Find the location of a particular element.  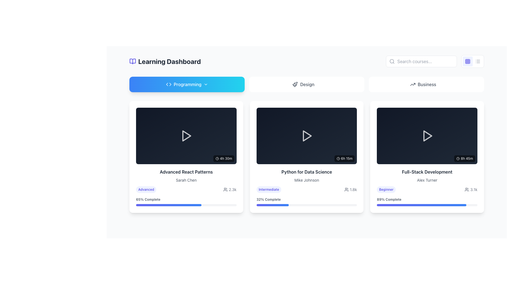

the small magnifying glass icon with a circular handle located in the left side of the search input field, positioned in the top-right of the interface is located at coordinates (392, 61).